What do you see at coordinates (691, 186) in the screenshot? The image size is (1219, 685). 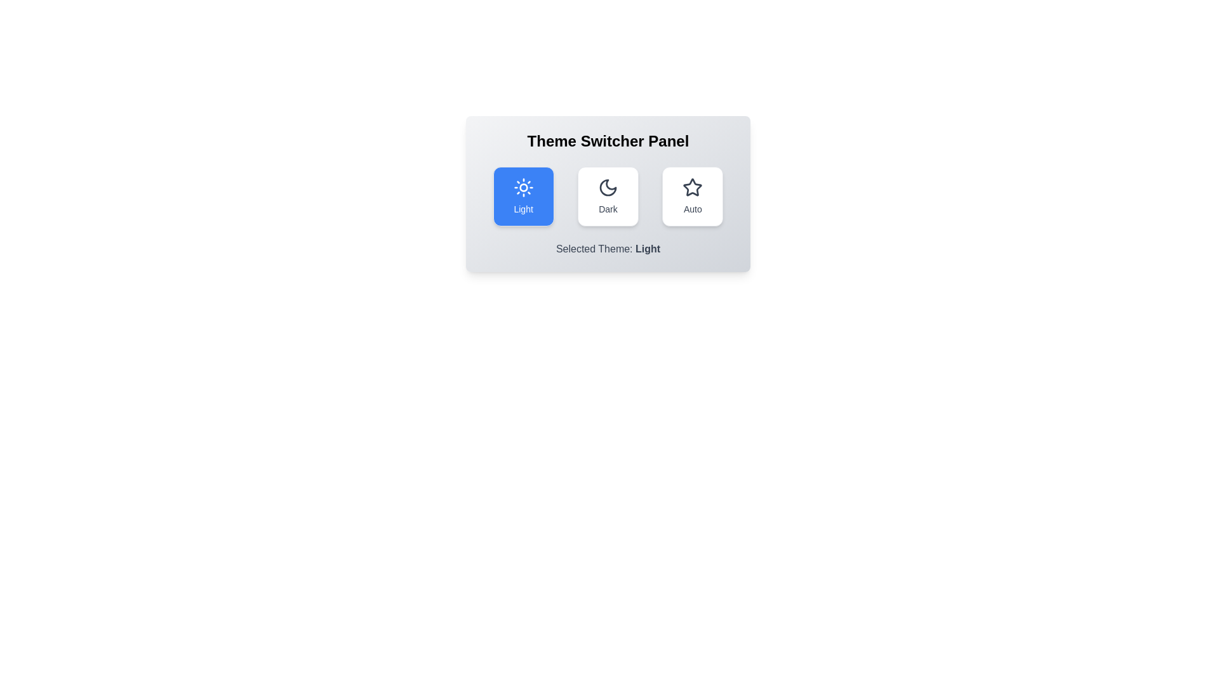 I see `the star icon representing the 'Auto' theme selection option in the Theme Switcher Panel to make a selection` at bounding box center [691, 186].